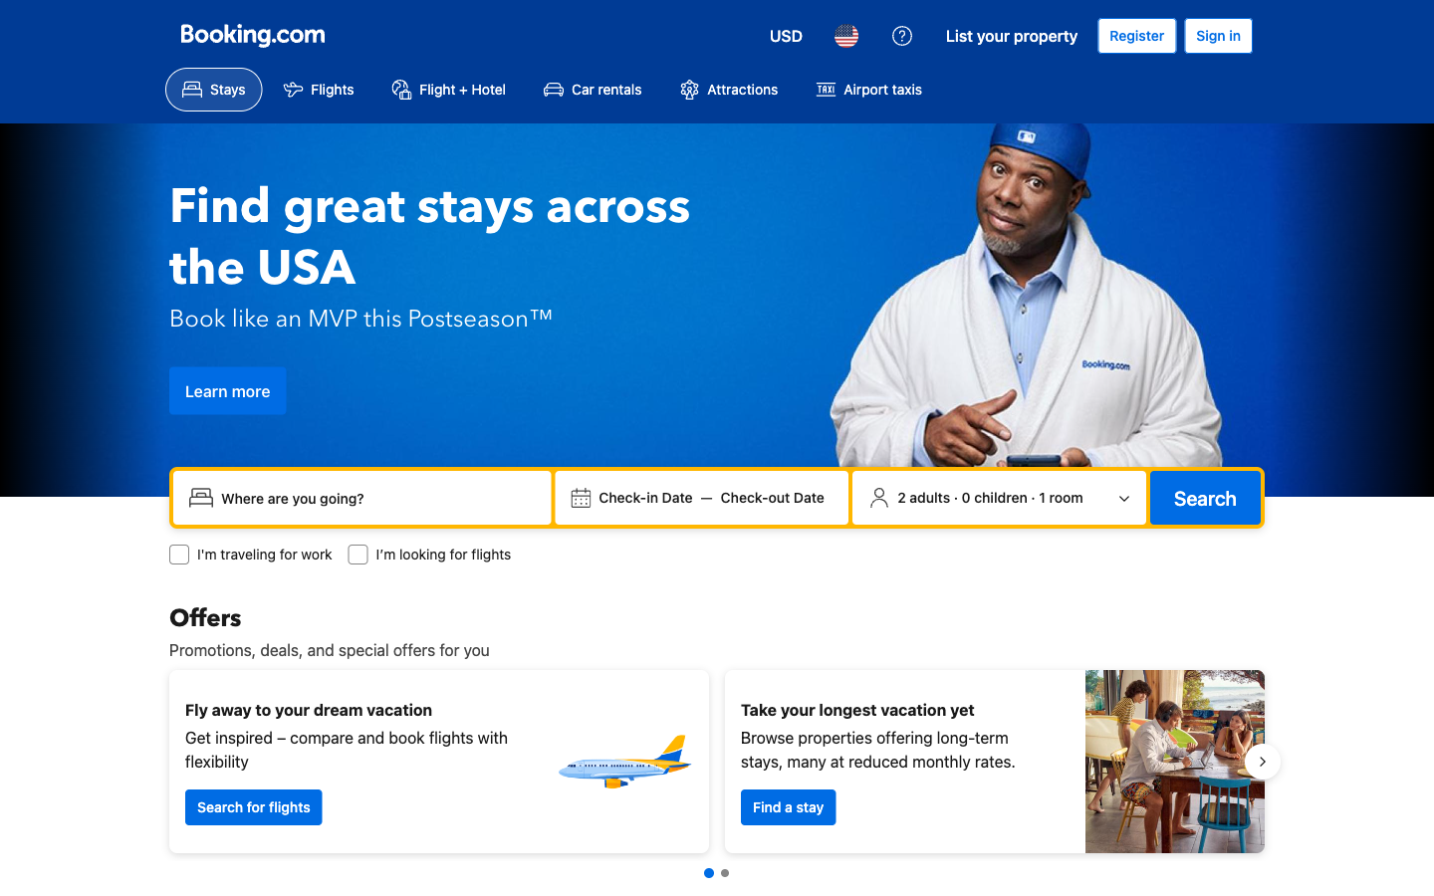 Image resolution: width=1434 pixels, height=896 pixels. Describe the element at coordinates (213, 89) in the screenshot. I see `Search for stays using the Stays button on top` at that location.